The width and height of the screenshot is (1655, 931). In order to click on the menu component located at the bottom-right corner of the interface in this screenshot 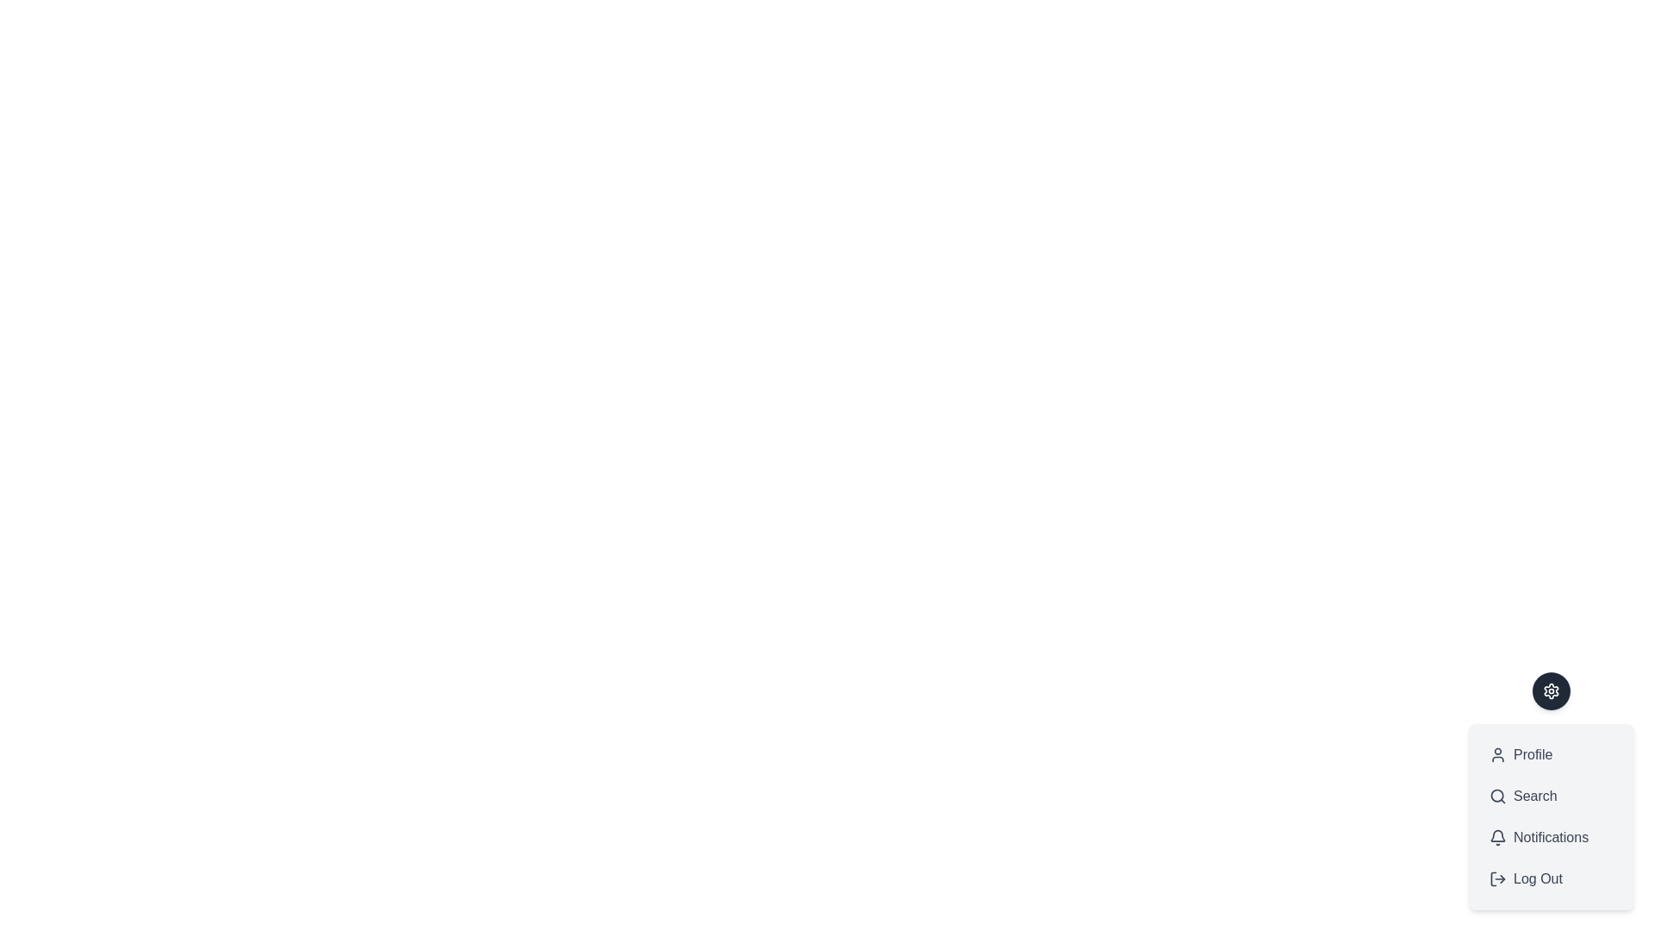, I will do `click(1552, 816)`.